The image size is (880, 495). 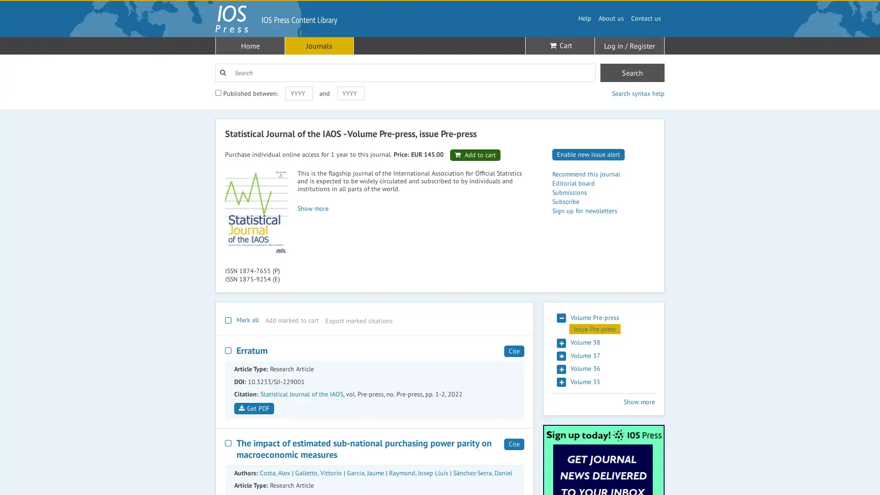 I want to click on Search, so click(x=632, y=72).